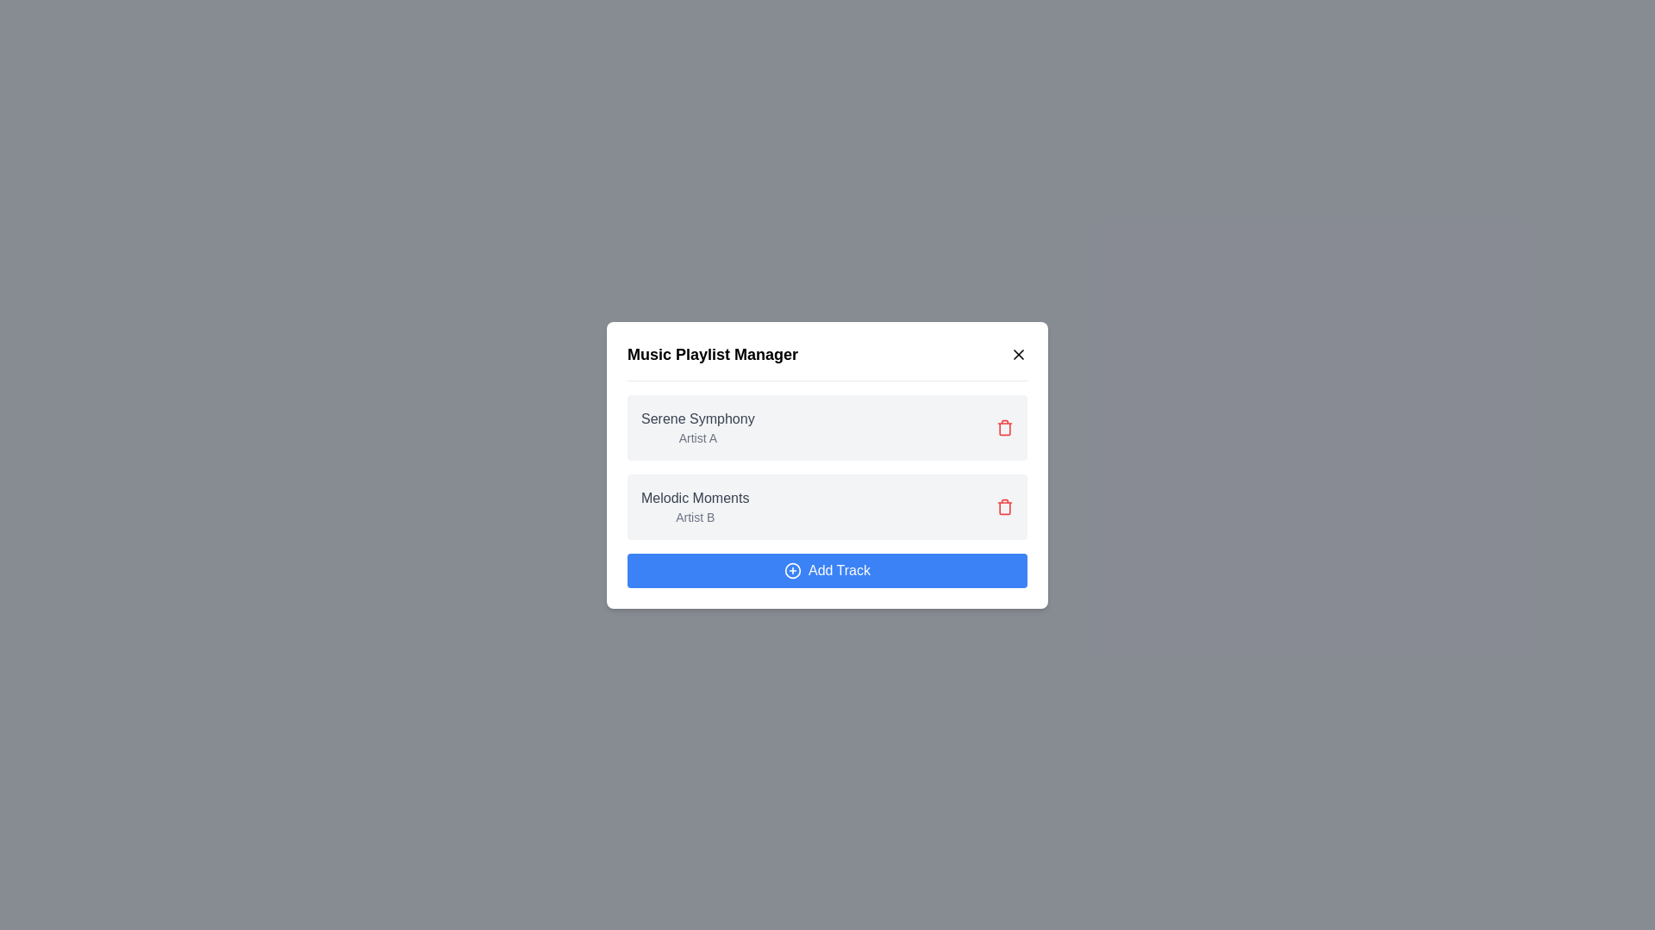 The width and height of the screenshot is (1655, 930). I want to click on the circular icon with a blue background and white stroke, located to the left of the 'Add Track' button in the modal dialog, so click(792, 570).